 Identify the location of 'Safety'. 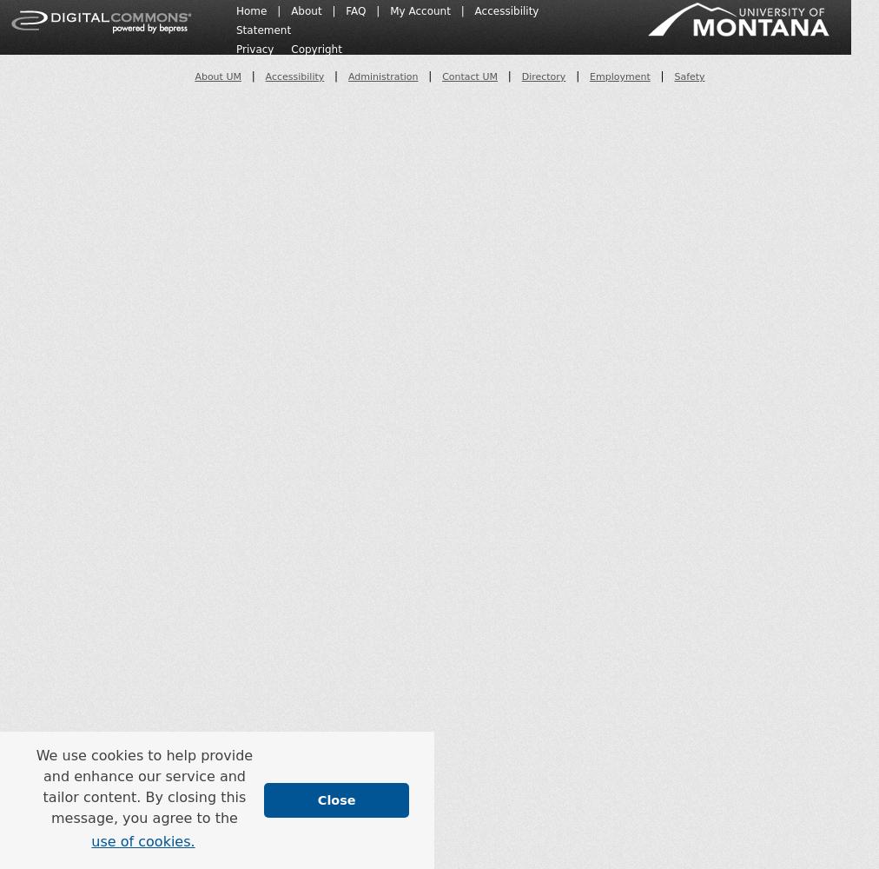
(688, 75).